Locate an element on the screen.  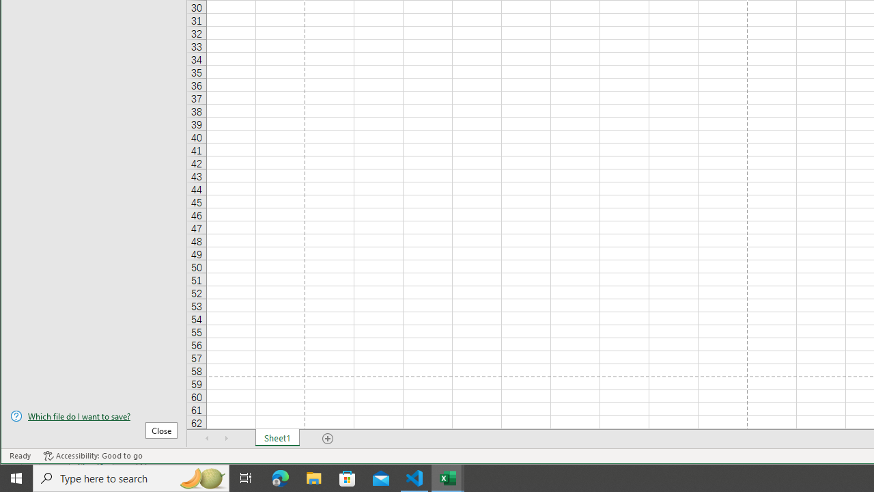
'Type here to search' is located at coordinates (131, 477).